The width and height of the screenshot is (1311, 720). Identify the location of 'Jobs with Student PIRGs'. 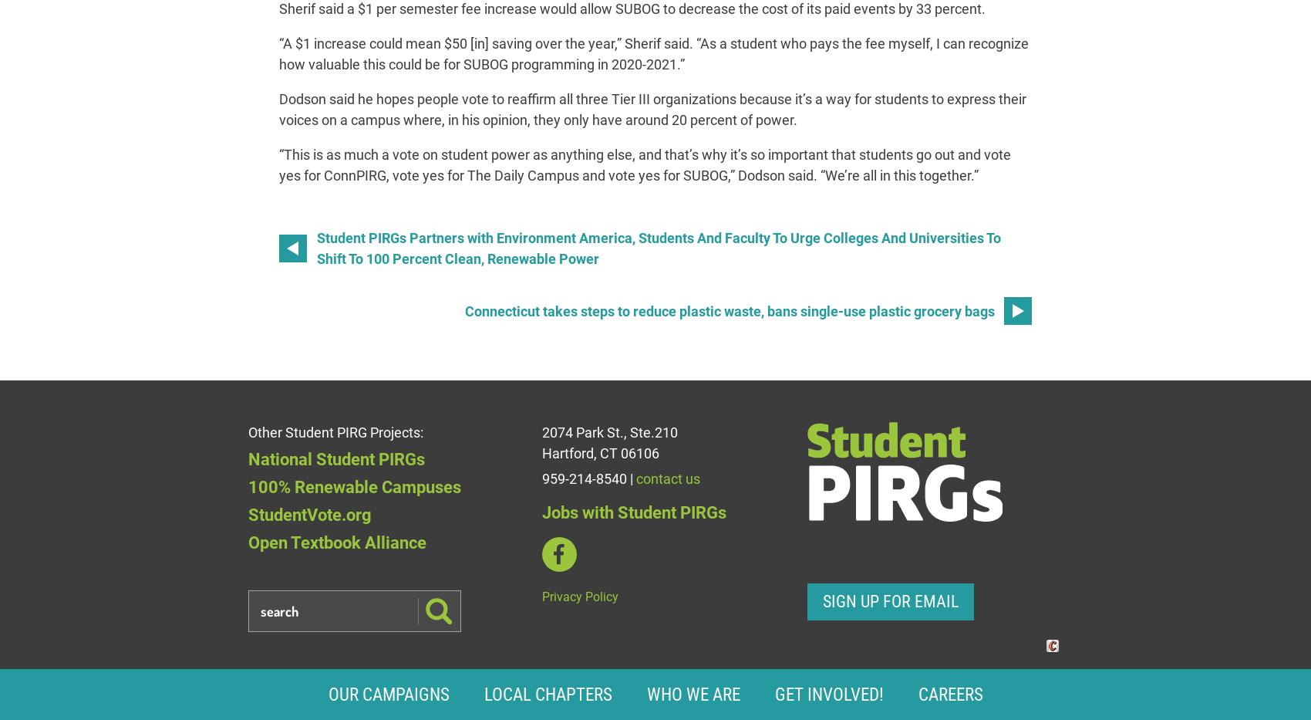
(632, 511).